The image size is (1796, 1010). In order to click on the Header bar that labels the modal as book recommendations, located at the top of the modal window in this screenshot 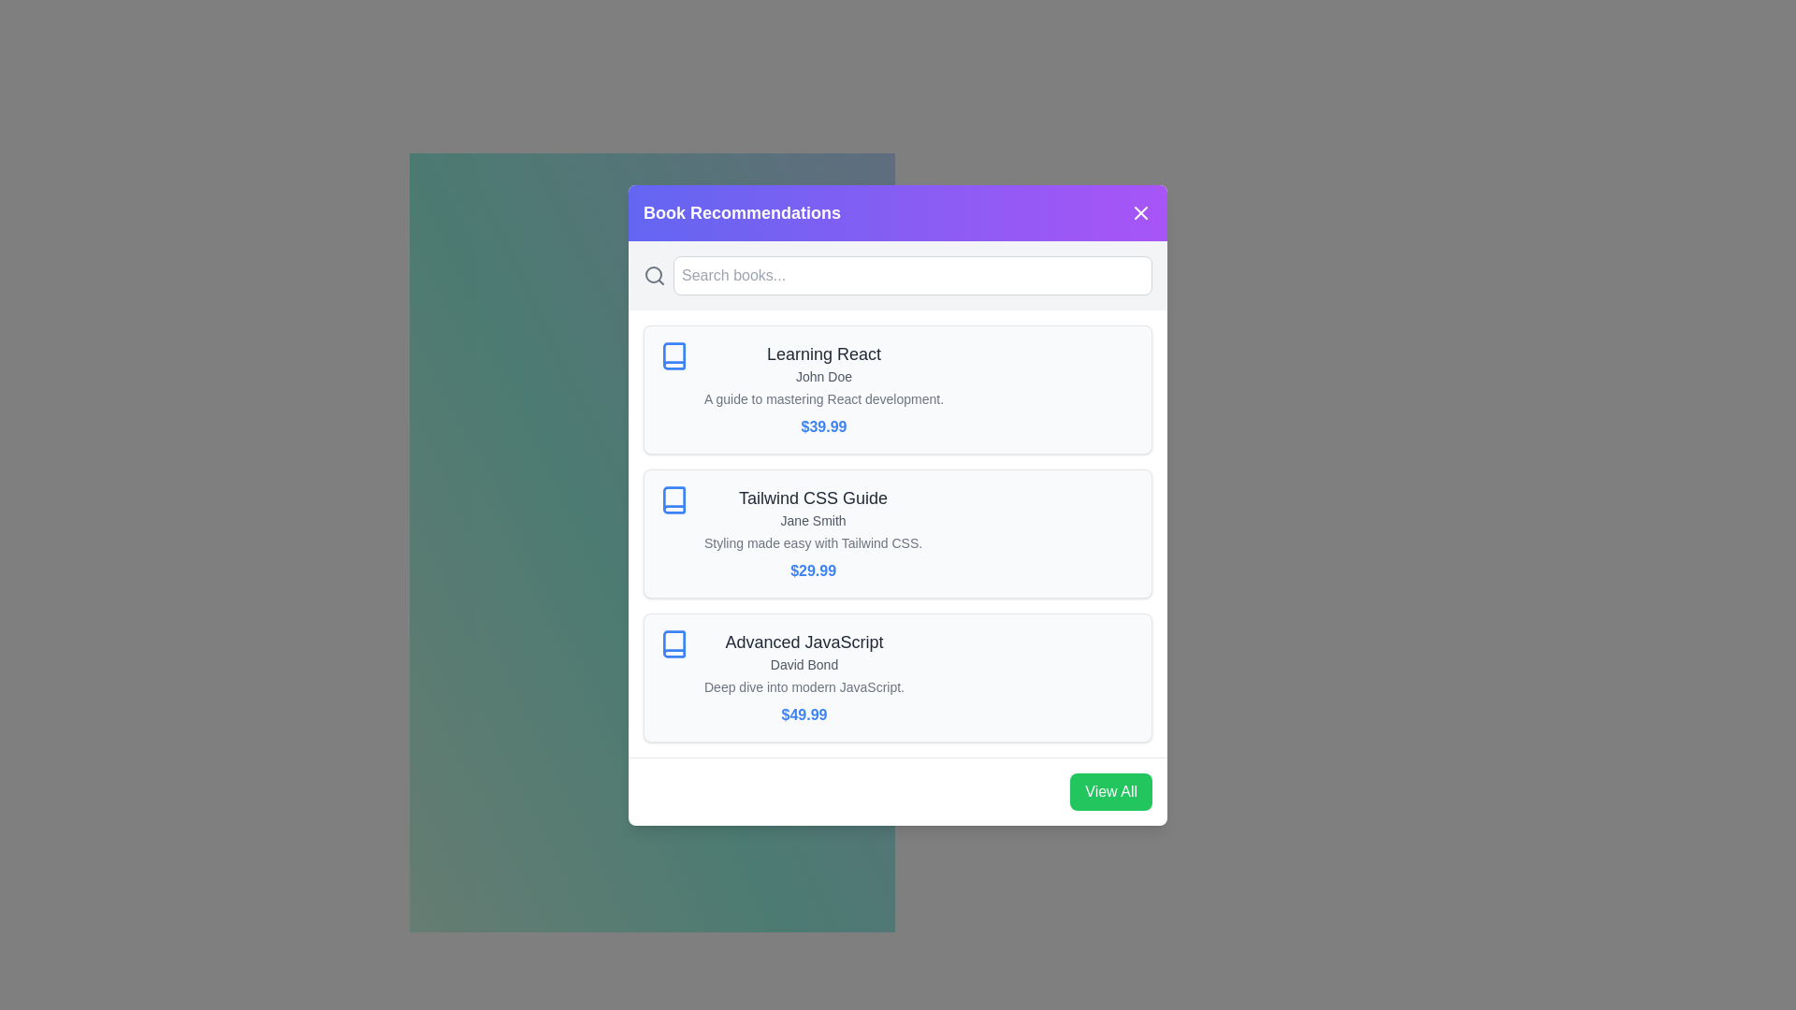, I will do `click(898, 211)`.